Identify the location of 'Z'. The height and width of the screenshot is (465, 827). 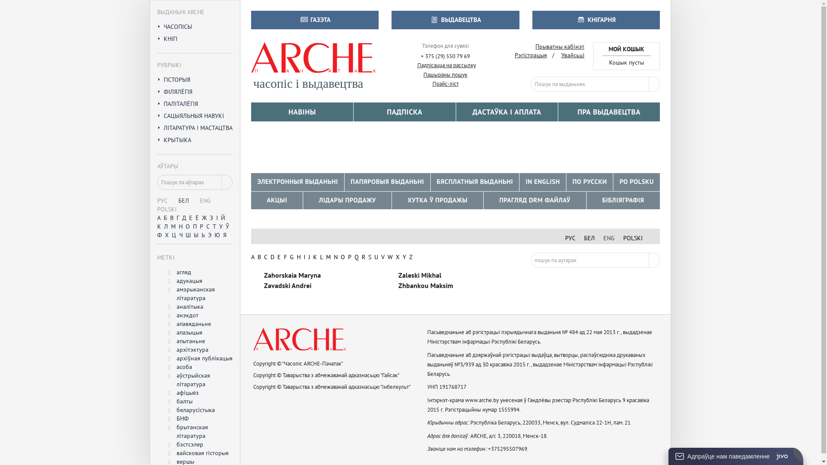
(410, 257).